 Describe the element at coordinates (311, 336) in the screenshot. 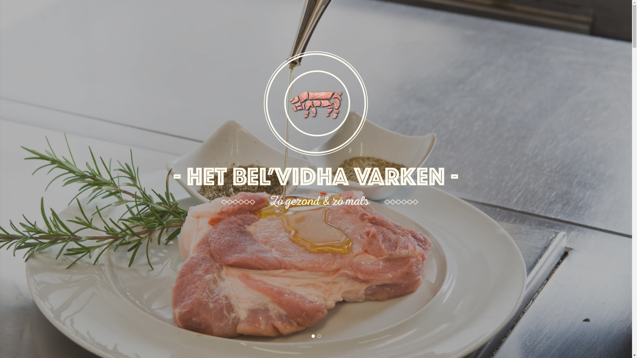

I see `'1'` at that location.